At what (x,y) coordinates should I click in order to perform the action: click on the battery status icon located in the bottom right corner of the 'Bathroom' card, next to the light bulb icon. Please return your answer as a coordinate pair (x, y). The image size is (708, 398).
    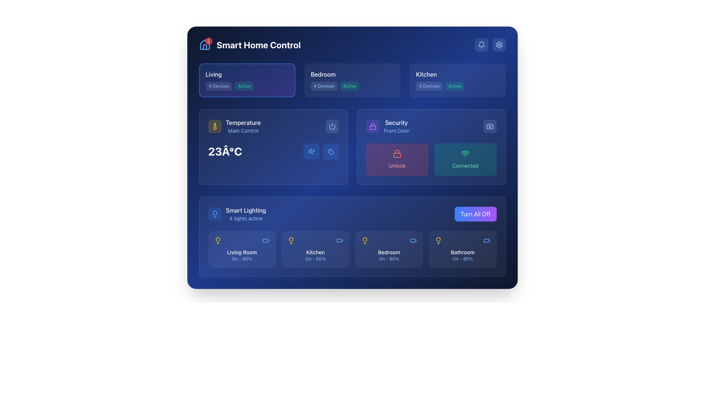
    Looking at the image, I should click on (487, 240).